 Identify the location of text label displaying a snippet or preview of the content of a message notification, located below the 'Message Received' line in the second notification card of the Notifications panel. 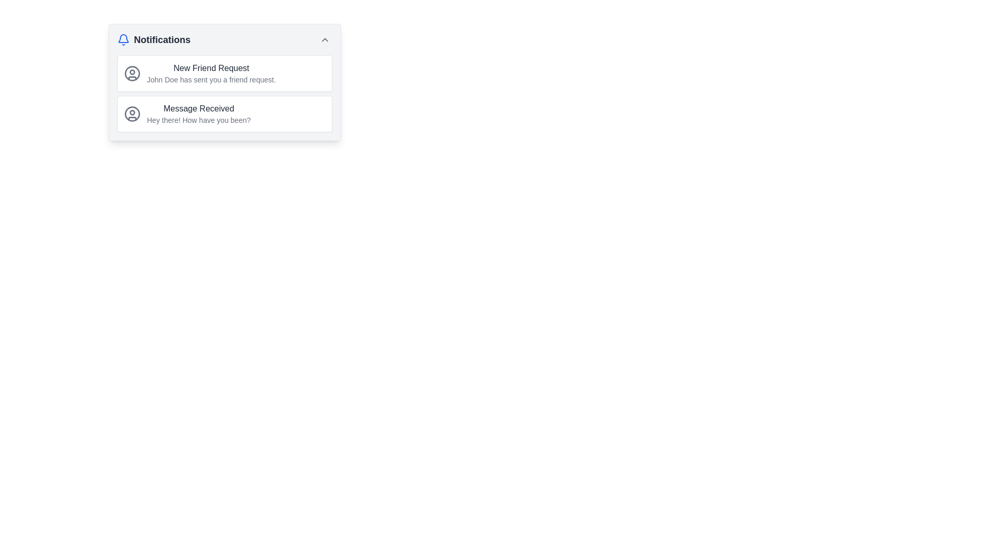
(199, 119).